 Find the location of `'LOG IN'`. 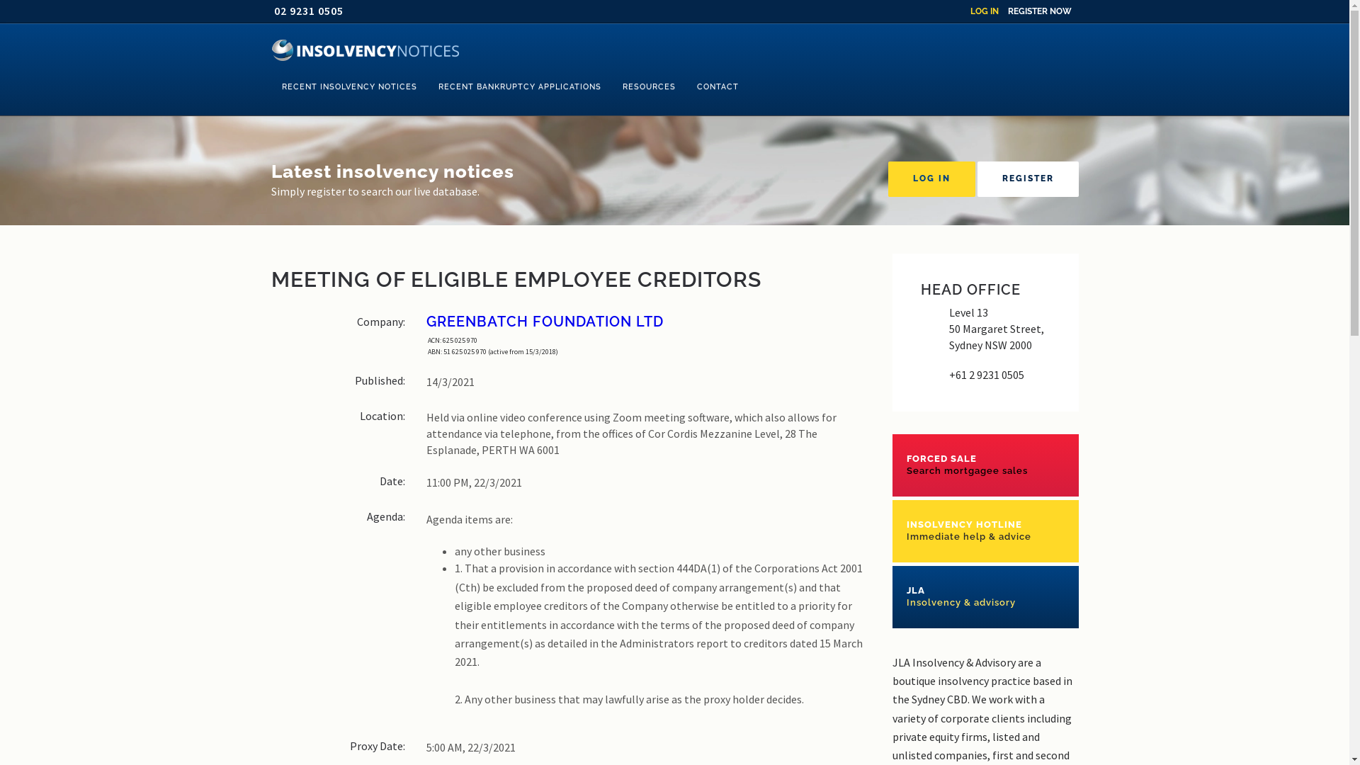

'LOG IN' is located at coordinates (984, 11).